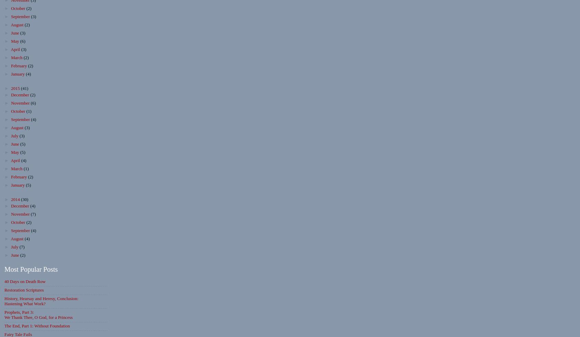 This screenshot has width=580, height=337. Describe the element at coordinates (41, 298) in the screenshot. I see `'History, Hearsay and Heresy, Conclusion:'` at that location.